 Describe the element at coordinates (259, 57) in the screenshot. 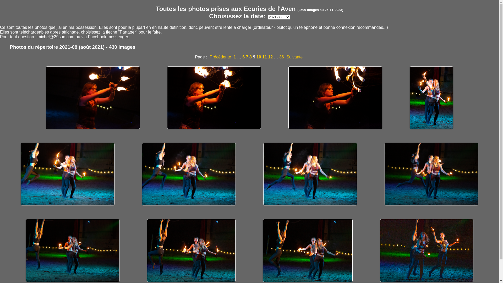

I see `'10'` at that location.